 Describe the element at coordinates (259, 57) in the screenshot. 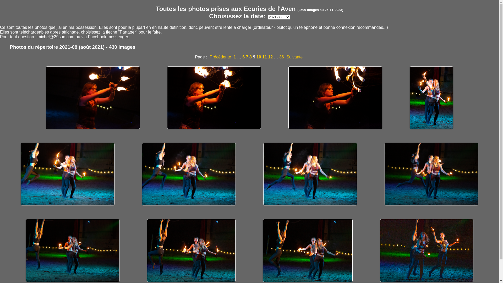

I see `'10'` at that location.